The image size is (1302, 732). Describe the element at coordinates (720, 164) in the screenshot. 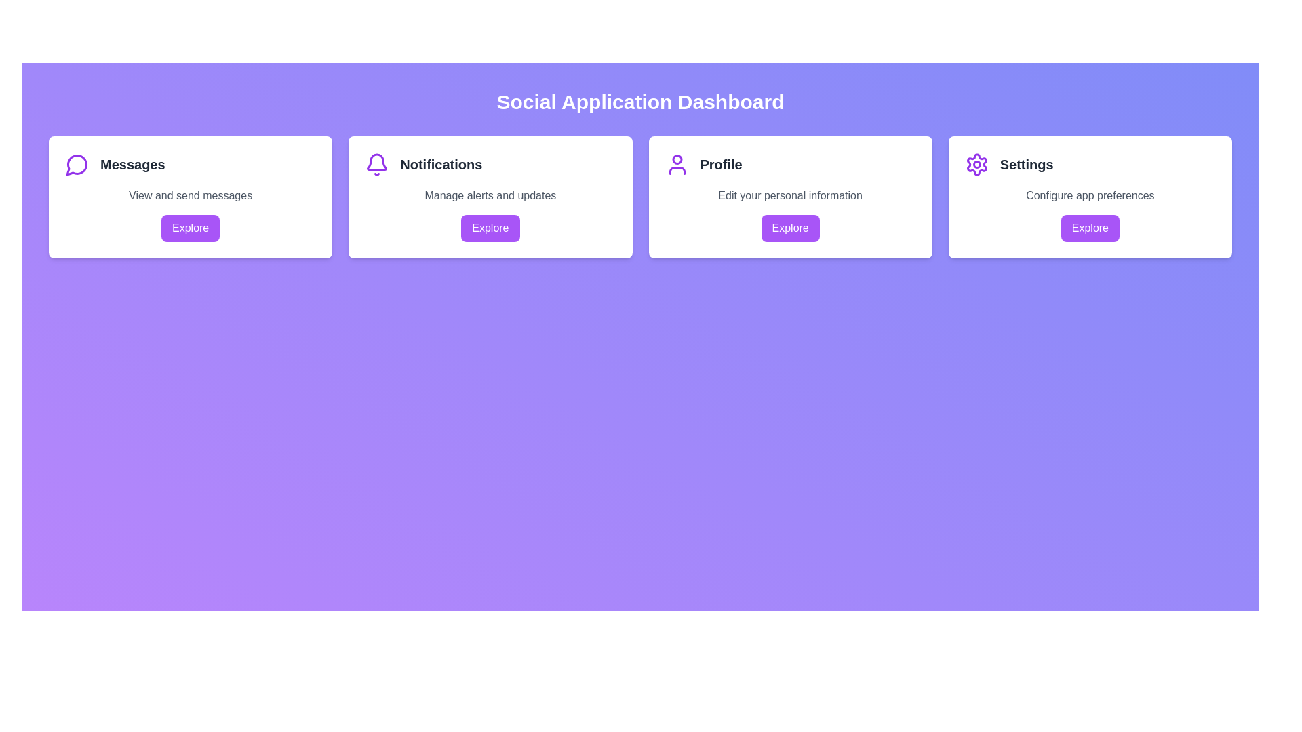

I see `text displayed on the 'Profile' text label, which is a bold text adjacent to a purple user icon in the third card from the left on the dashboard page` at that location.